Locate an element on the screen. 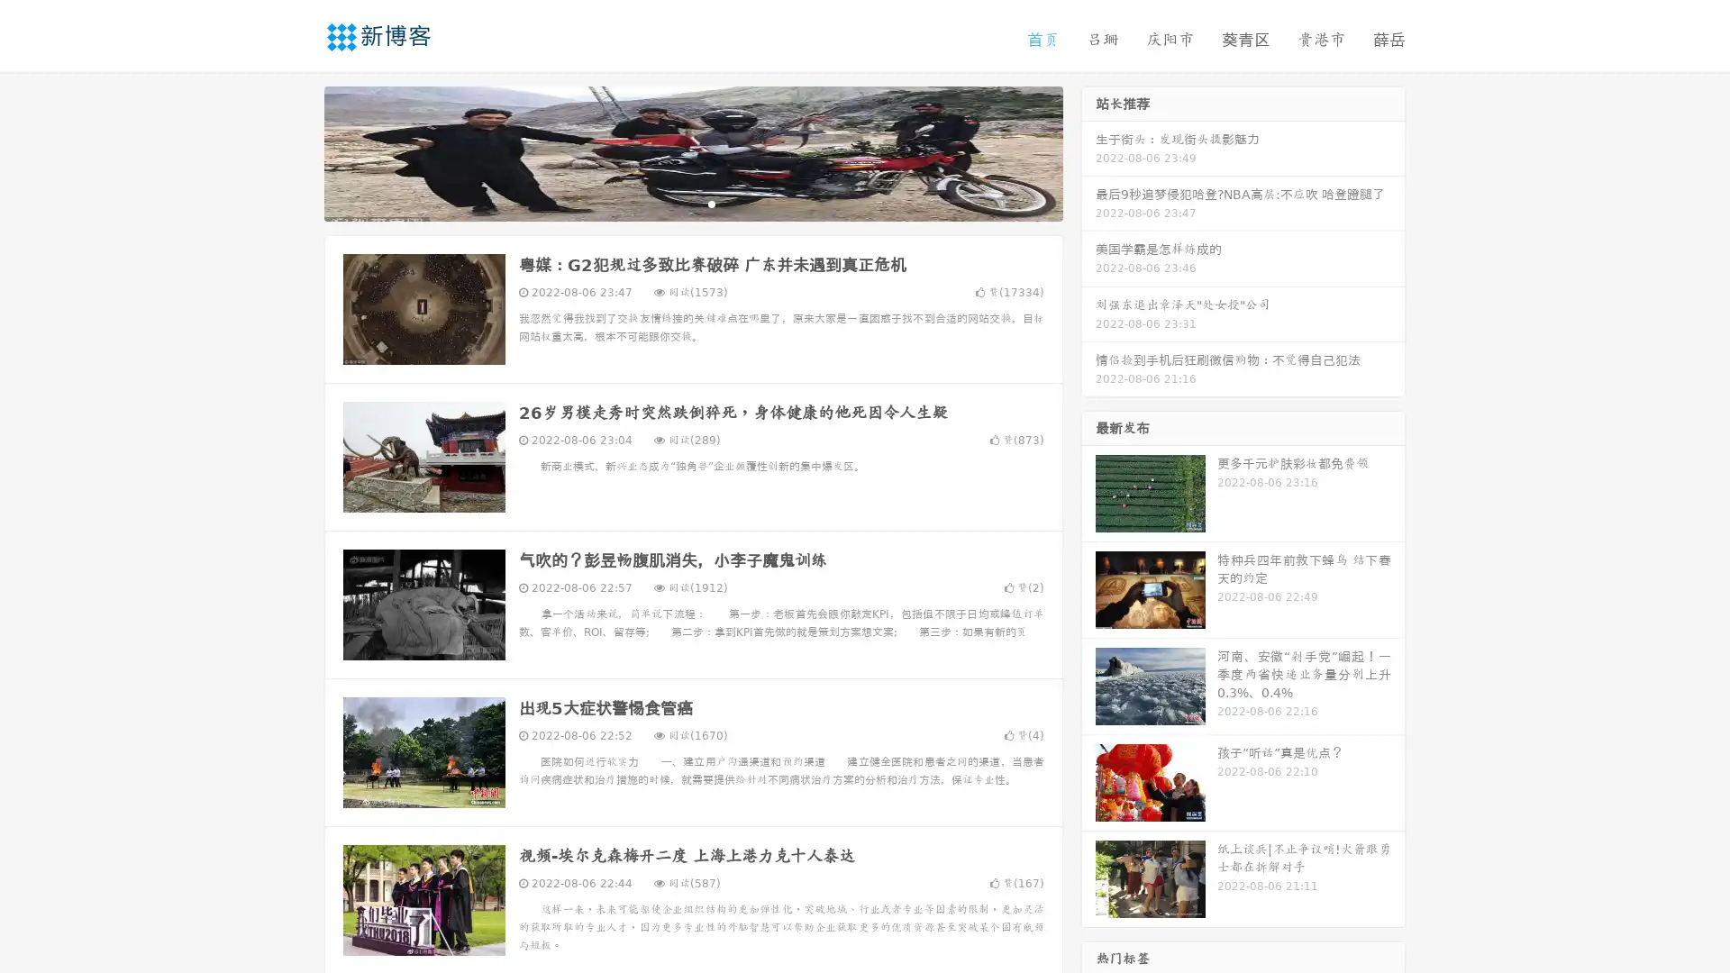 This screenshot has height=973, width=1730. Next slide is located at coordinates (1088, 151).